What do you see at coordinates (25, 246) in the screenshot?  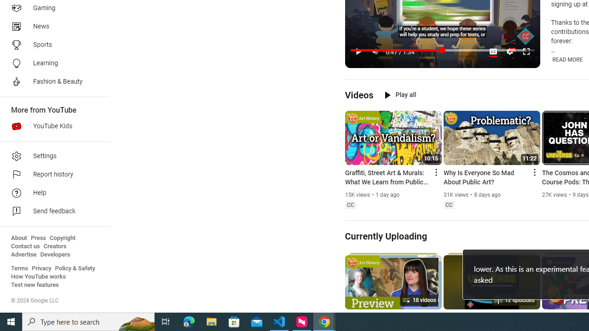 I see `'Contact us'` at bounding box center [25, 246].